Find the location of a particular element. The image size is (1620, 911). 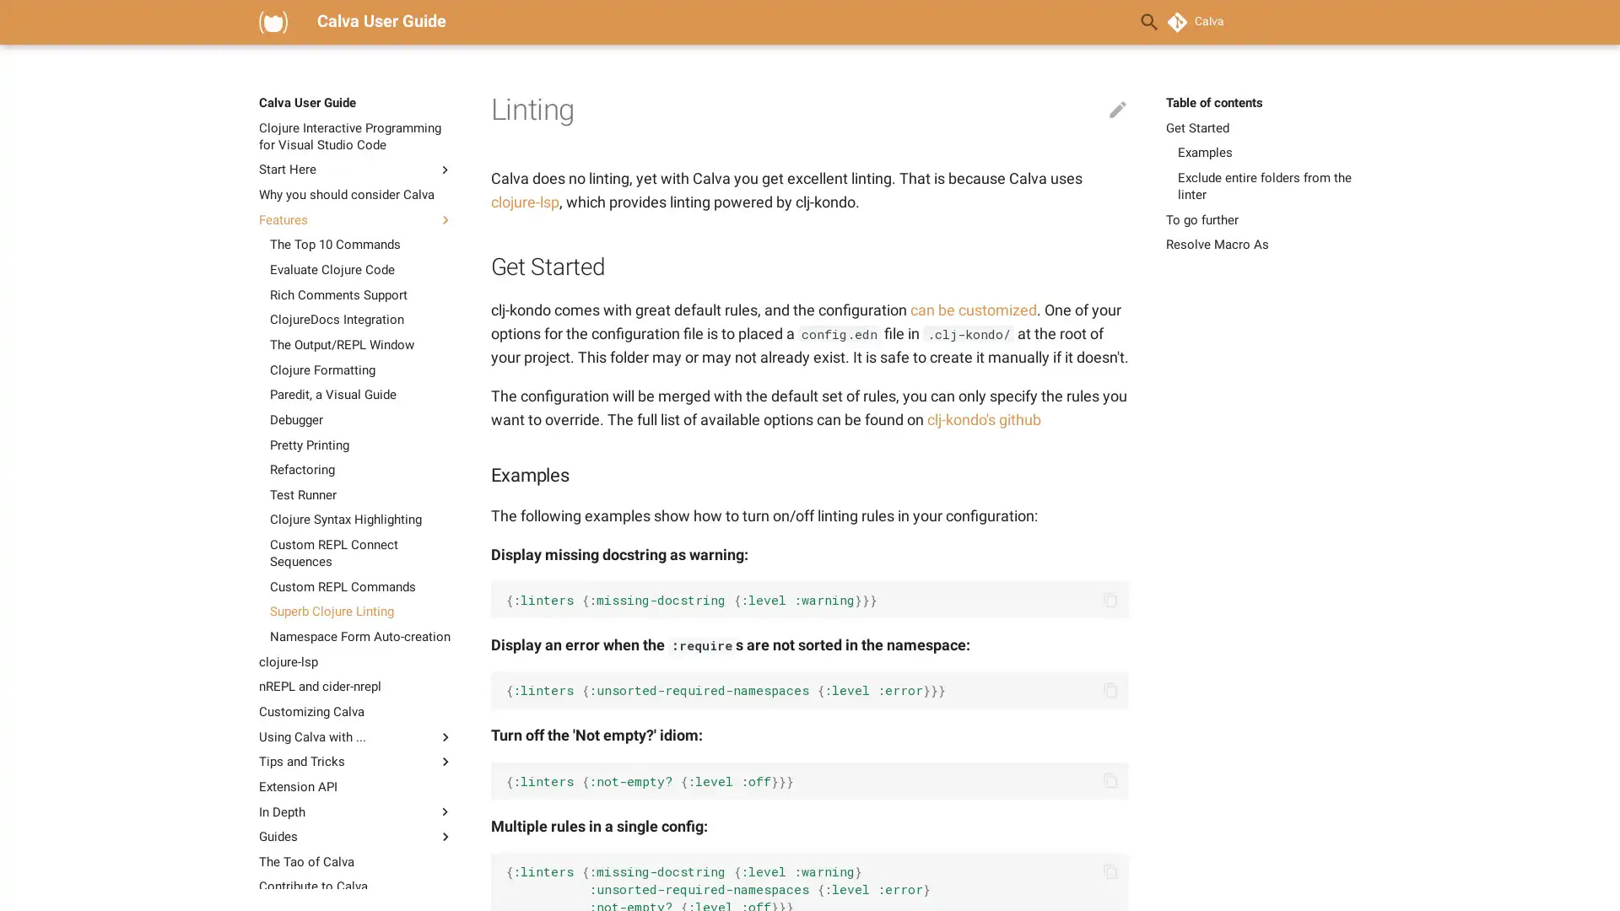

Clear is located at coordinates (1109, 22).